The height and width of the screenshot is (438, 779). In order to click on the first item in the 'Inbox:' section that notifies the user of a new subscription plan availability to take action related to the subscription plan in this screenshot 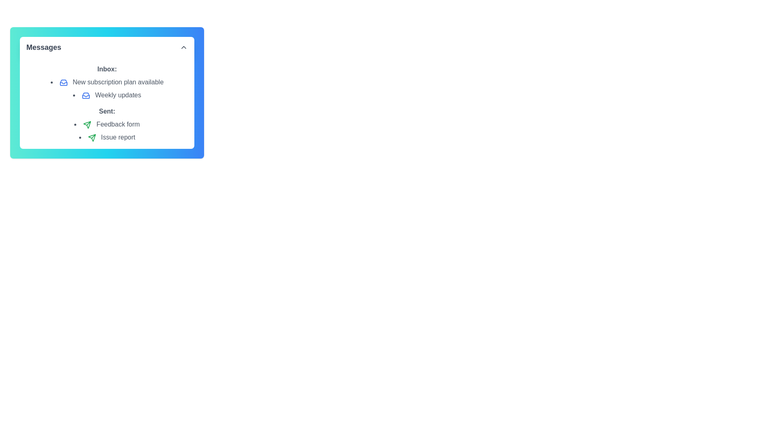, I will do `click(107, 82)`.